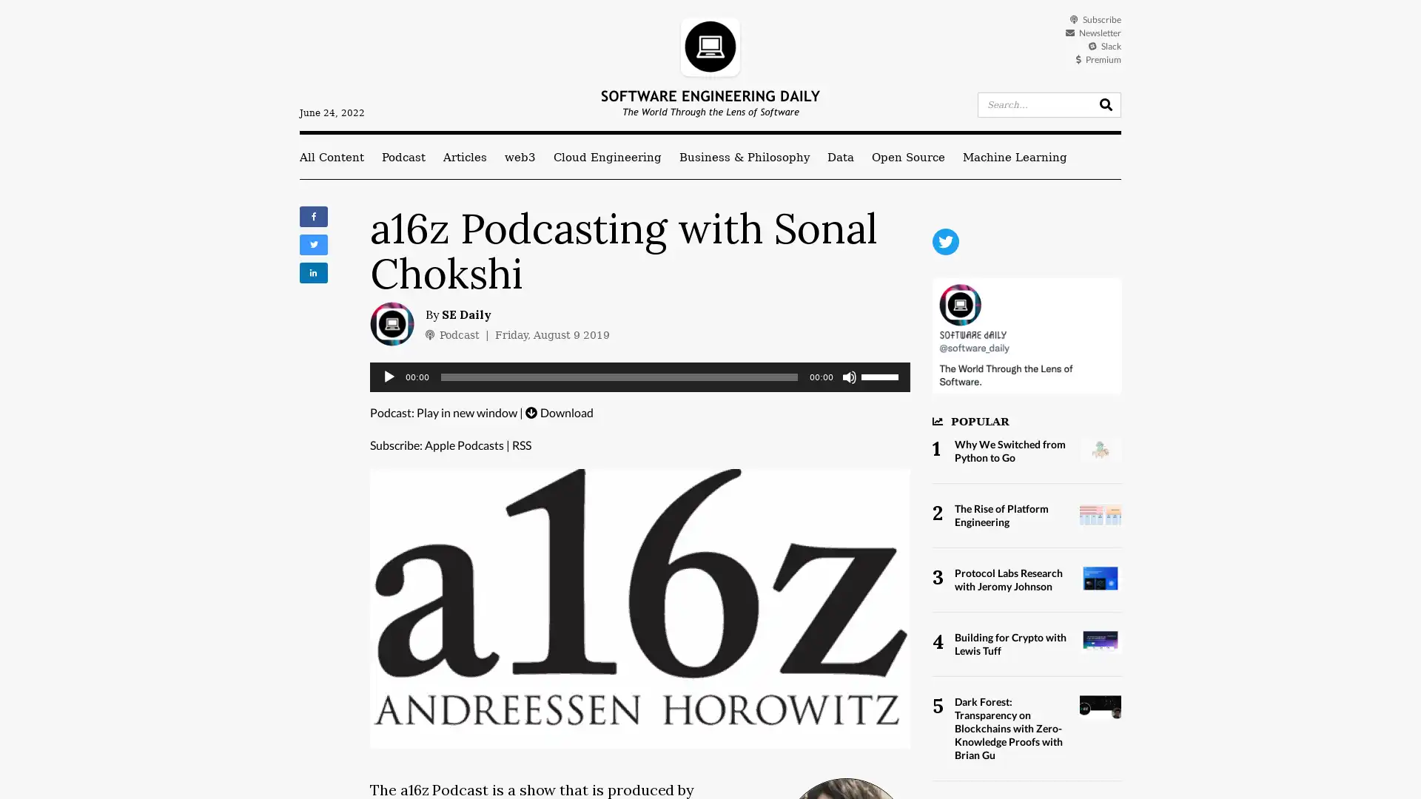 This screenshot has width=1421, height=799. What do you see at coordinates (849, 376) in the screenshot?
I see `Mute` at bounding box center [849, 376].